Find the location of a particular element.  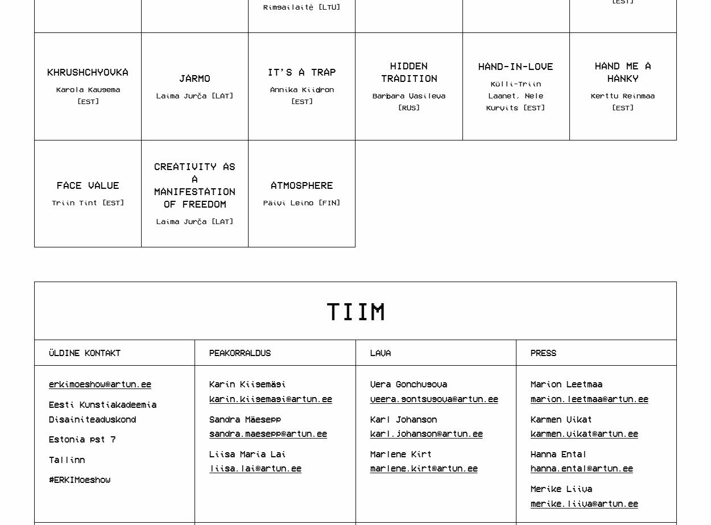

'Tiim' is located at coordinates (355, 309).